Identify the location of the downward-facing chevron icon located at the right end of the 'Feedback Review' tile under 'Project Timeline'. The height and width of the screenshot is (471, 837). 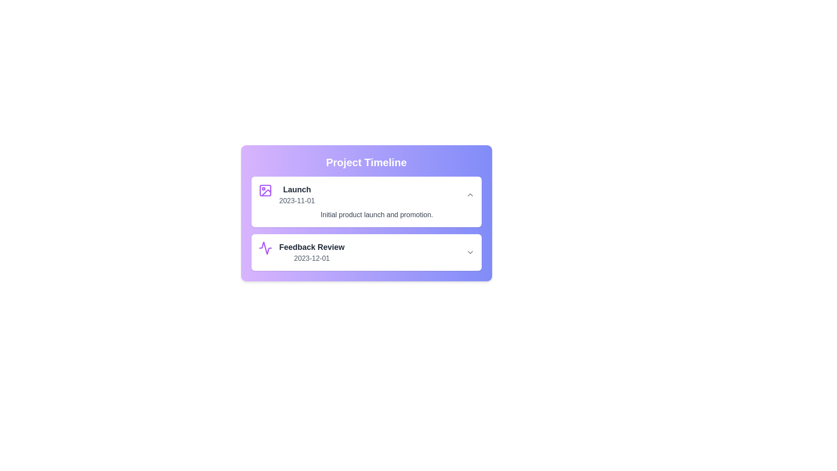
(470, 252).